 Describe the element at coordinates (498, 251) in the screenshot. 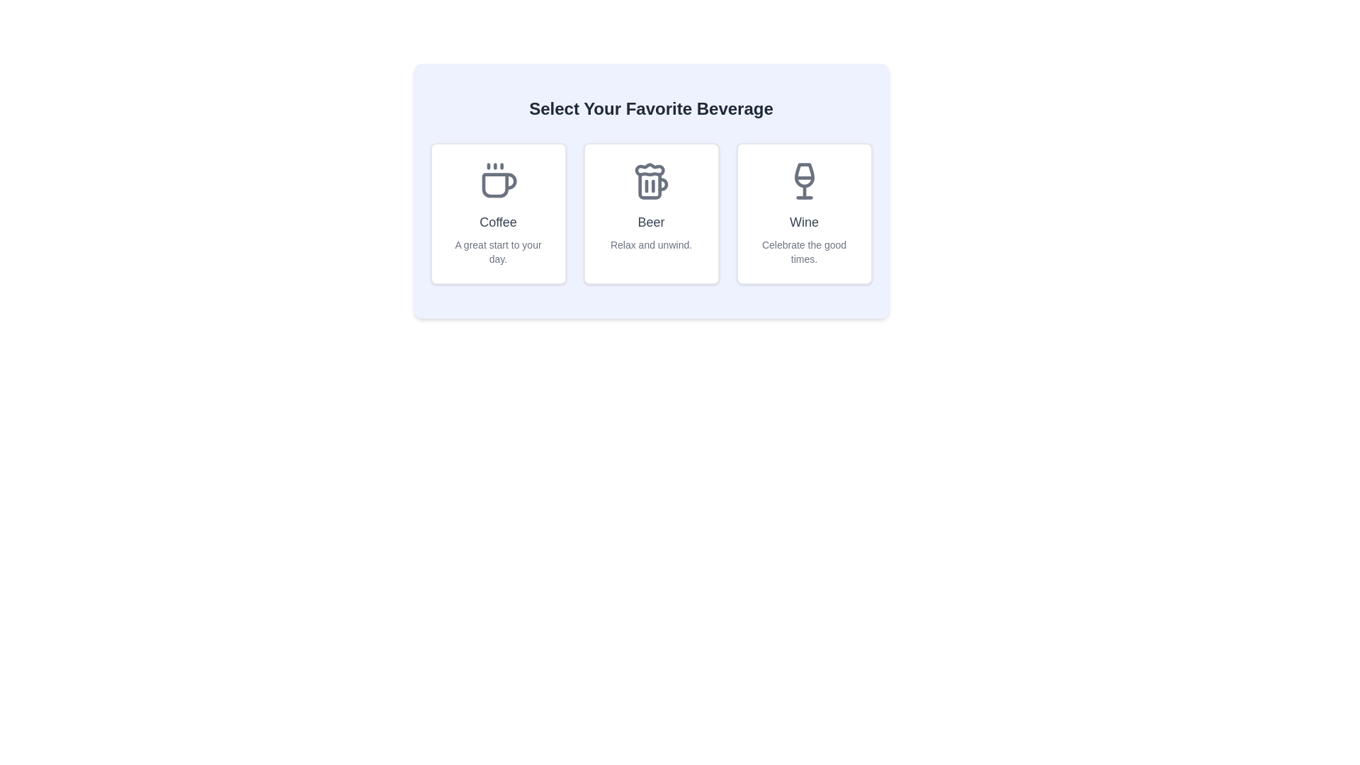

I see `the Text Label that displays a supporting description or tagline related to the 'Coffee' selection, which is positioned directly below the 'Coffee' text` at that location.